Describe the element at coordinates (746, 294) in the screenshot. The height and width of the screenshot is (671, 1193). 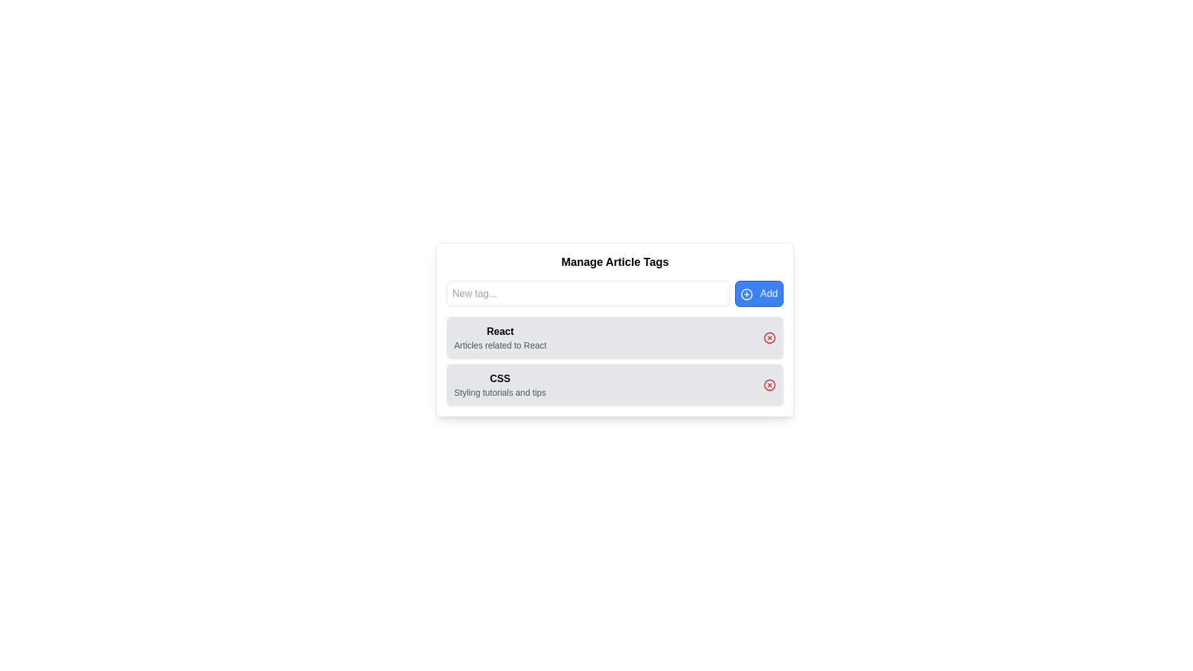
I see `the Circular SVG graphic element of the add icon located at the rightmost end of the 'New tag' input box` at that location.